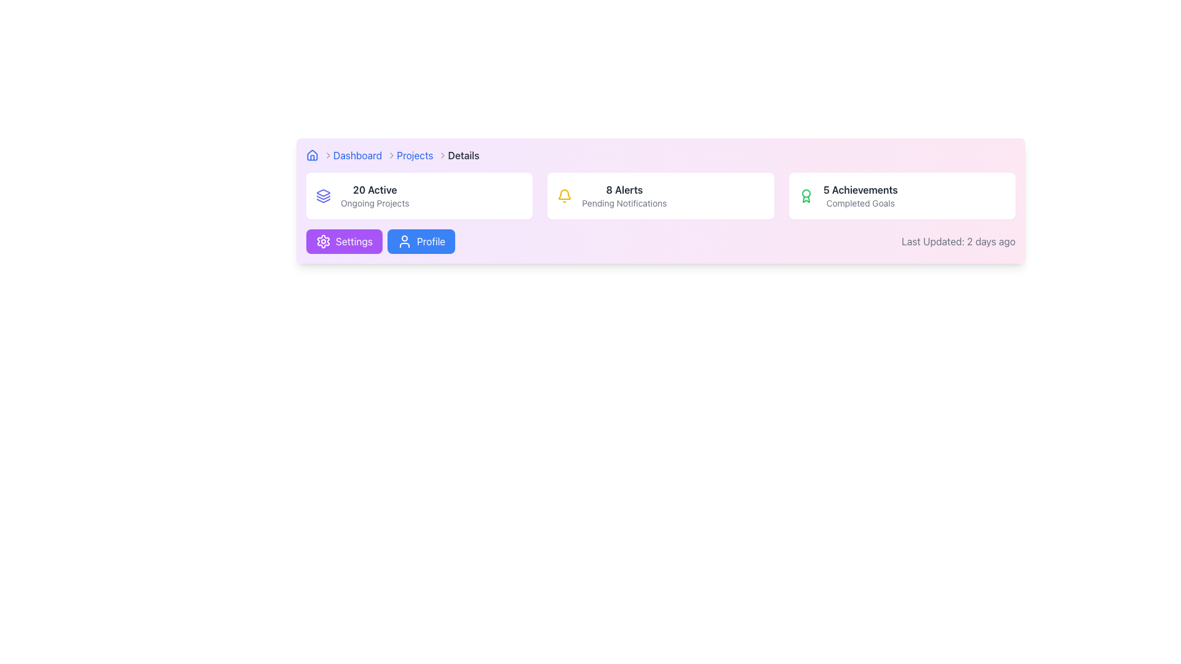 Image resolution: width=1181 pixels, height=664 pixels. Describe the element at coordinates (374, 196) in the screenshot. I see `the textual information display element that shows '20 Active' and 'Ongoing Projects', located in the second card on the dashboard page` at that location.